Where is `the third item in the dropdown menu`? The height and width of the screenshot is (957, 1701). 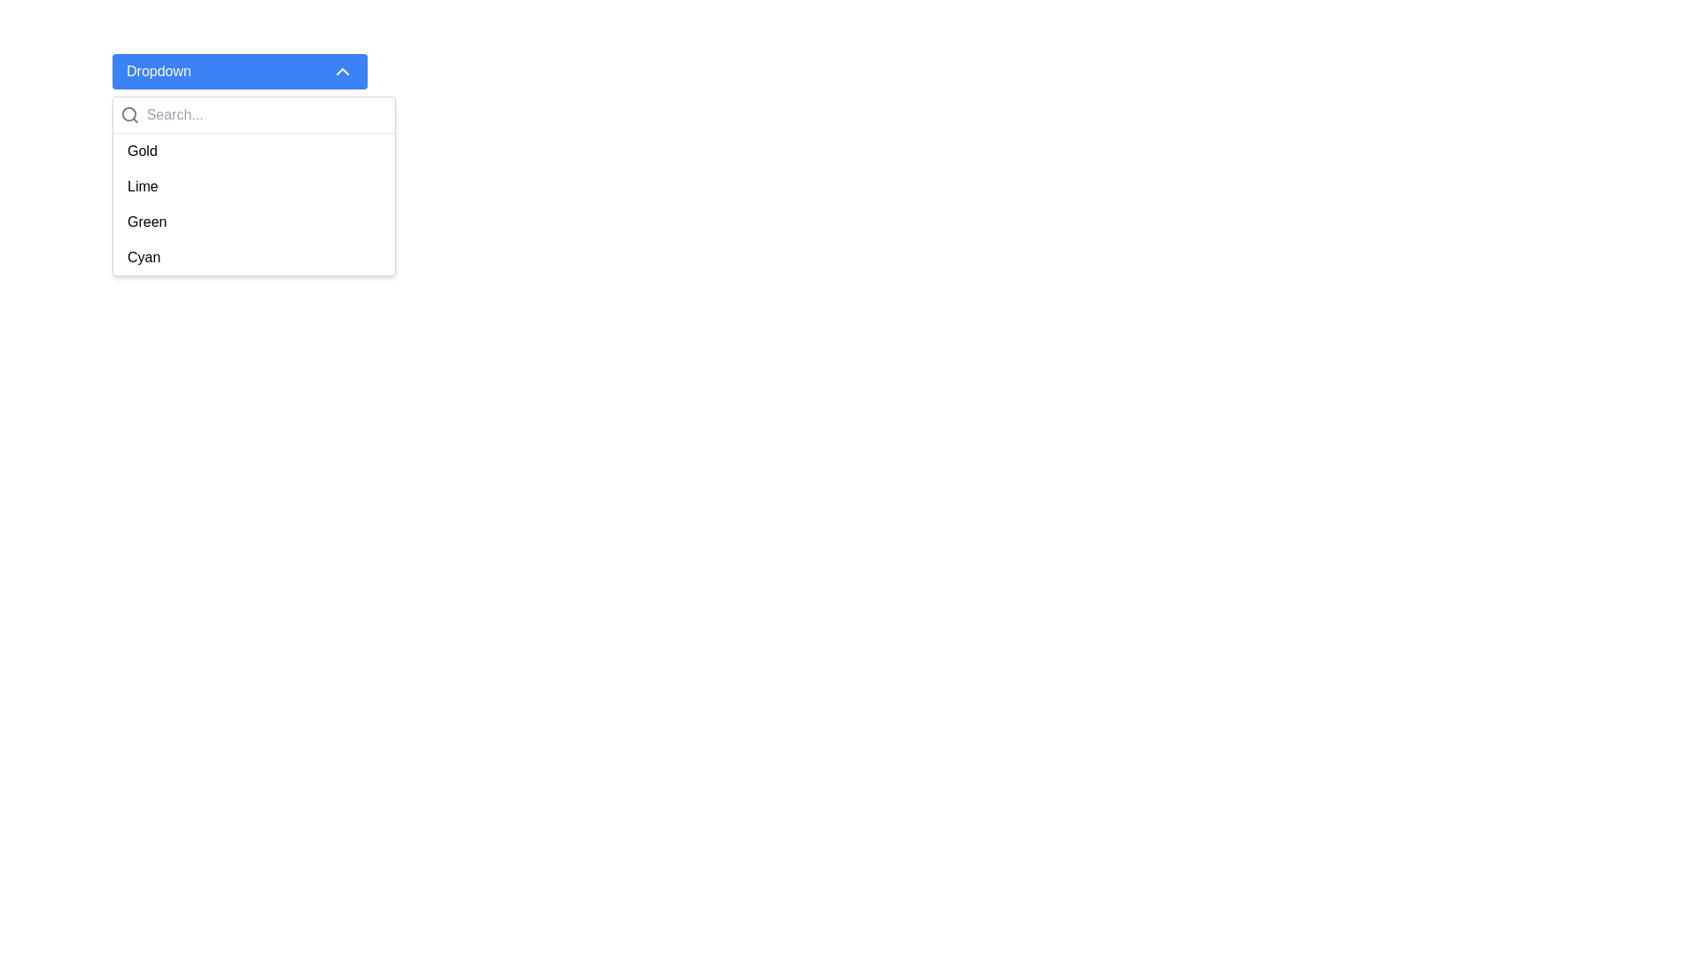 the third item in the dropdown menu is located at coordinates (253, 221).